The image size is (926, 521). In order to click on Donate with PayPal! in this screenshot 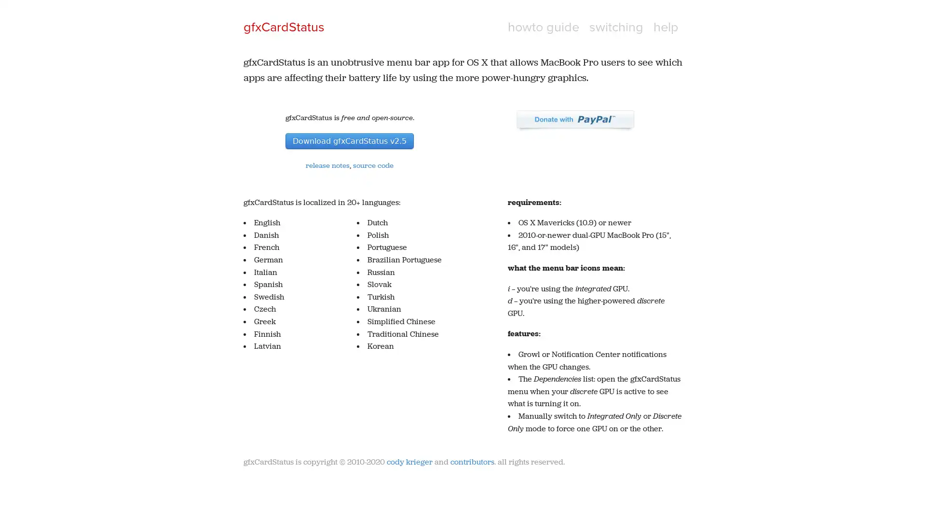, I will do `click(574, 120)`.